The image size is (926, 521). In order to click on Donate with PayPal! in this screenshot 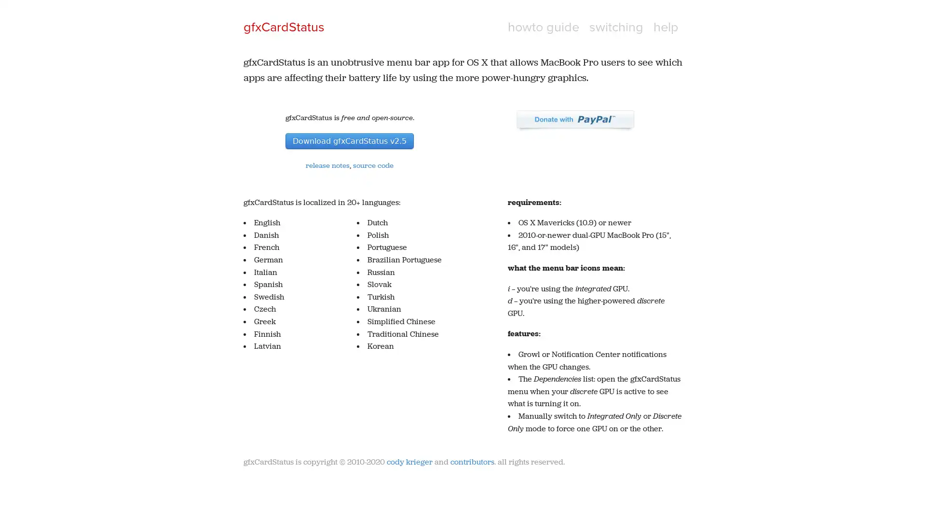, I will do `click(574, 120)`.